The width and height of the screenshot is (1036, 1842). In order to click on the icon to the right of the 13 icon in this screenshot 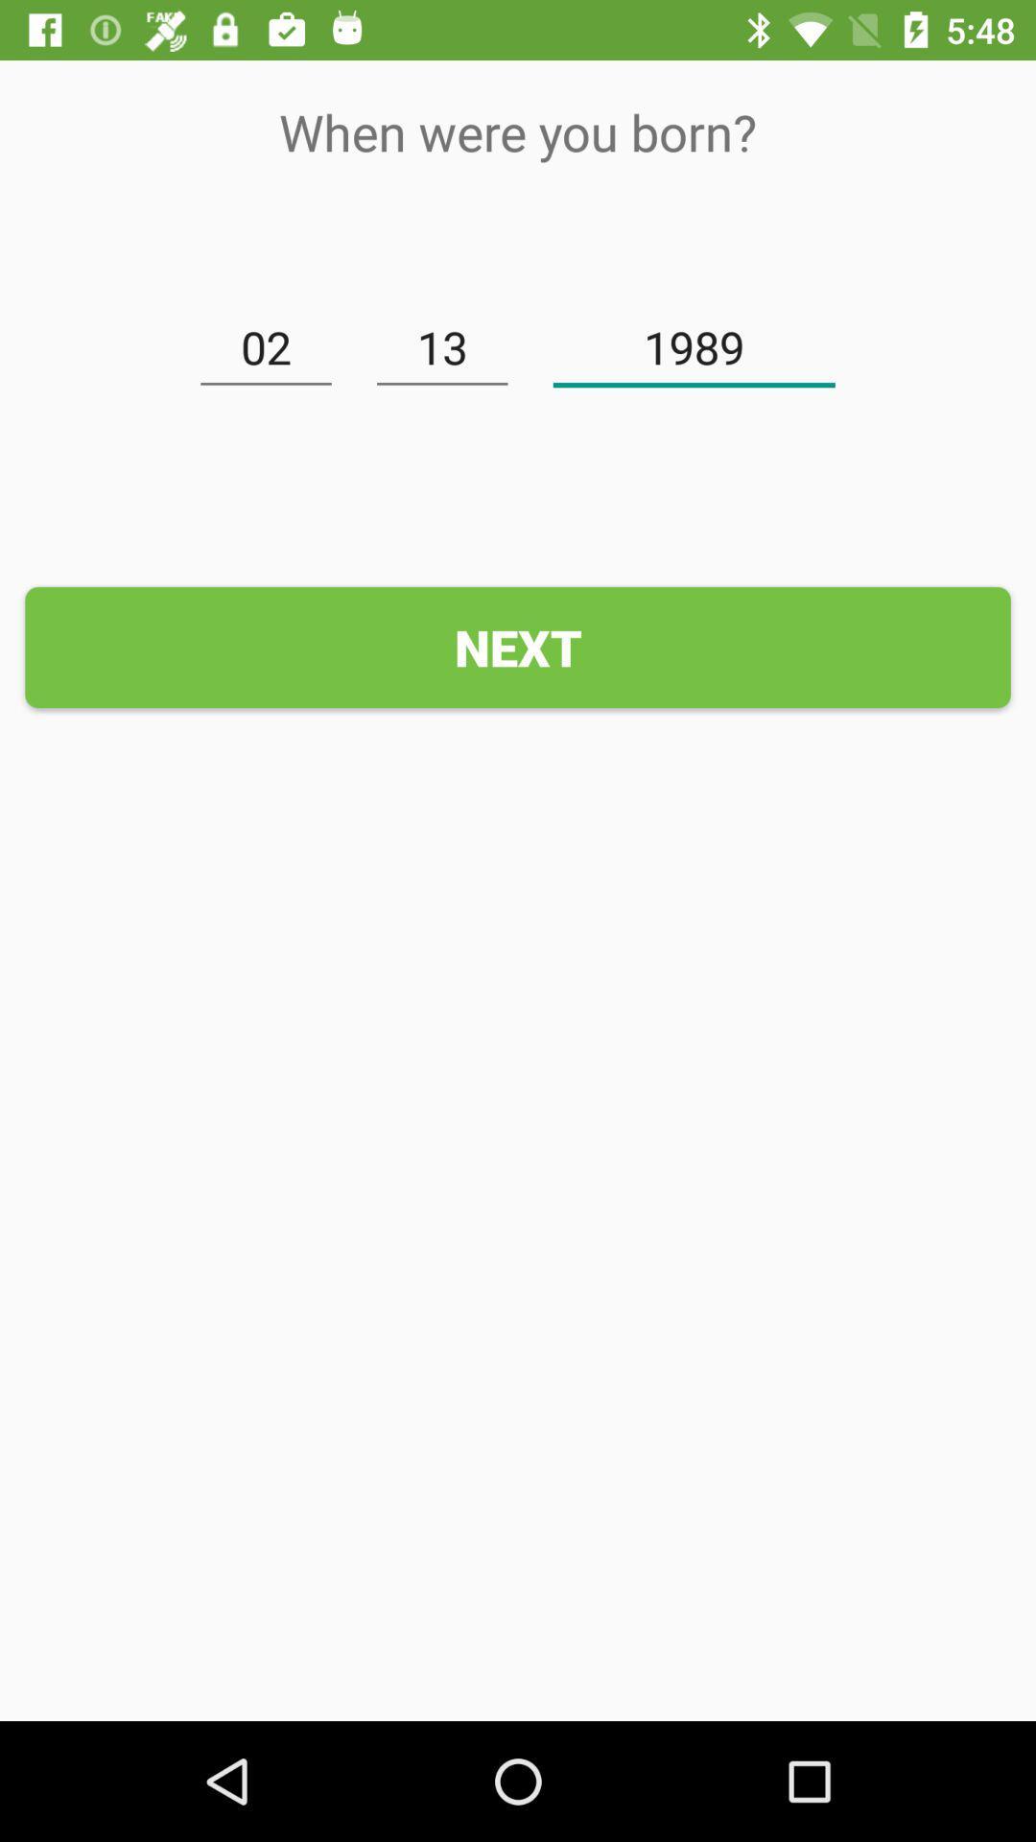, I will do `click(694, 348)`.